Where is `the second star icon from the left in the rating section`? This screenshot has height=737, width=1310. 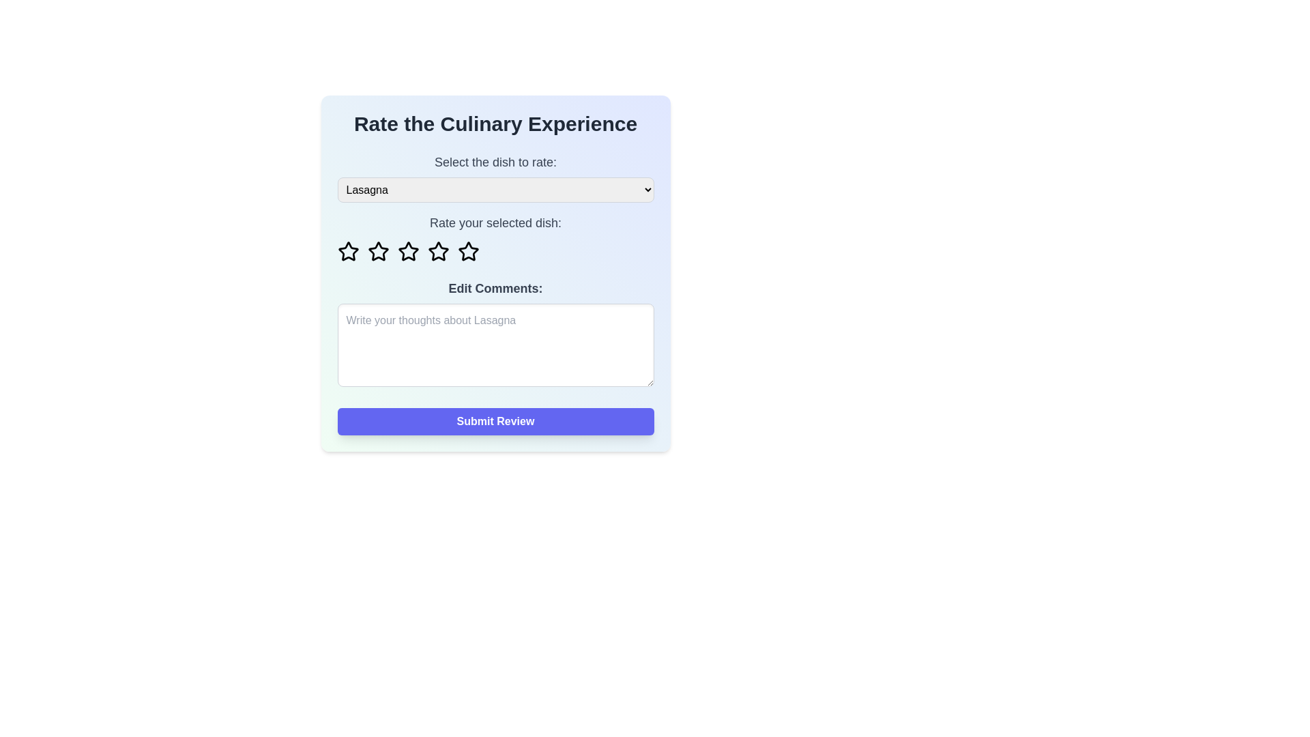
the second star icon from the left in the rating section is located at coordinates (378, 252).